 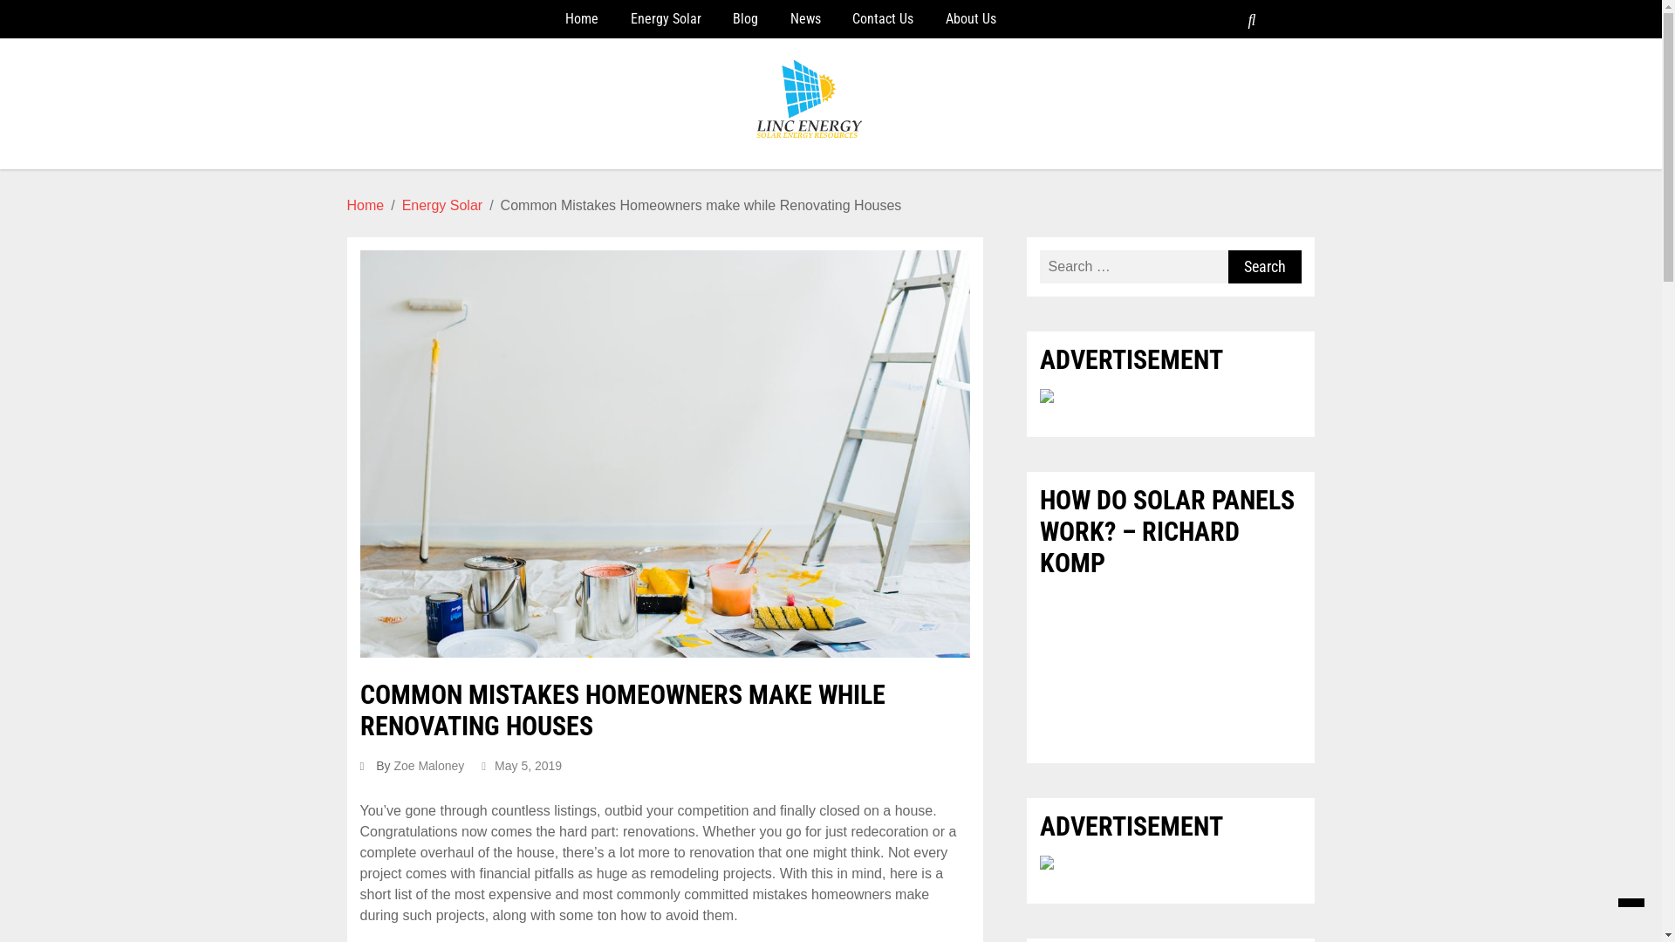 What do you see at coordinates (428, 765) in the screenshot?
I see `'Zoe Maloney'` at bounding box center [428, 765].